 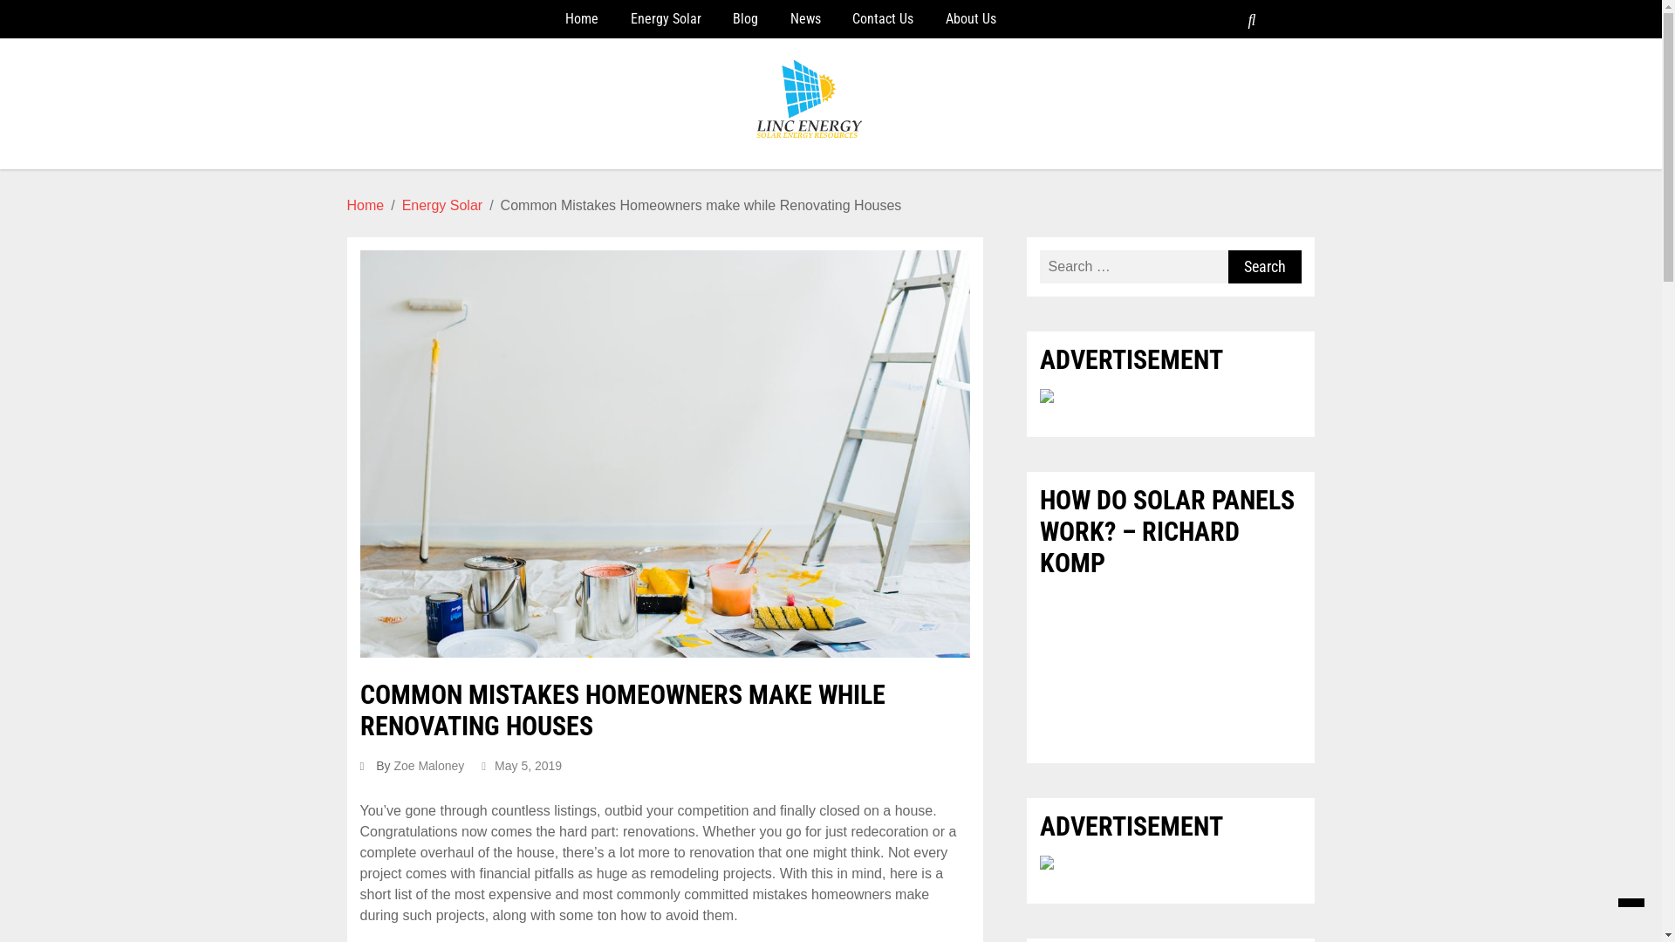 What do you see at coordinates (428, 765) in the screenshot?
I see `'Zoe Maloney'` at bounding box center [428, 765].